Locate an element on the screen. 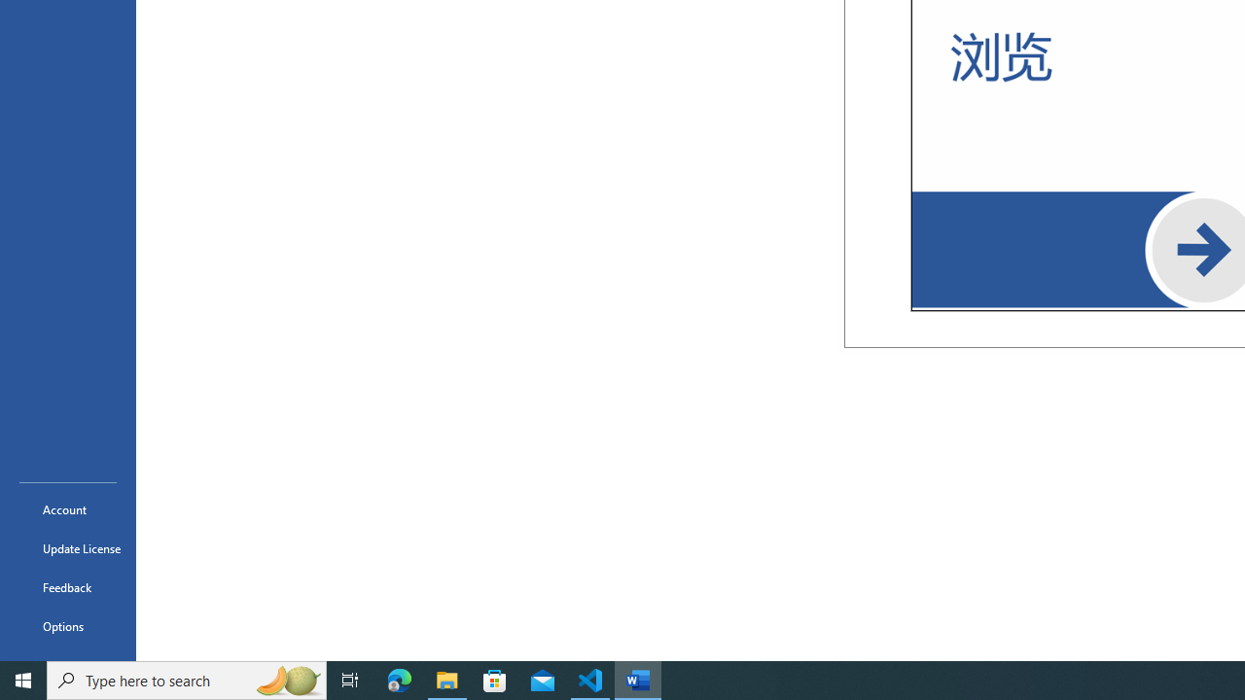 Image resolution: width=1245 pixels, height=700 pixels. 'Options' is located at coordinates (67, 626).